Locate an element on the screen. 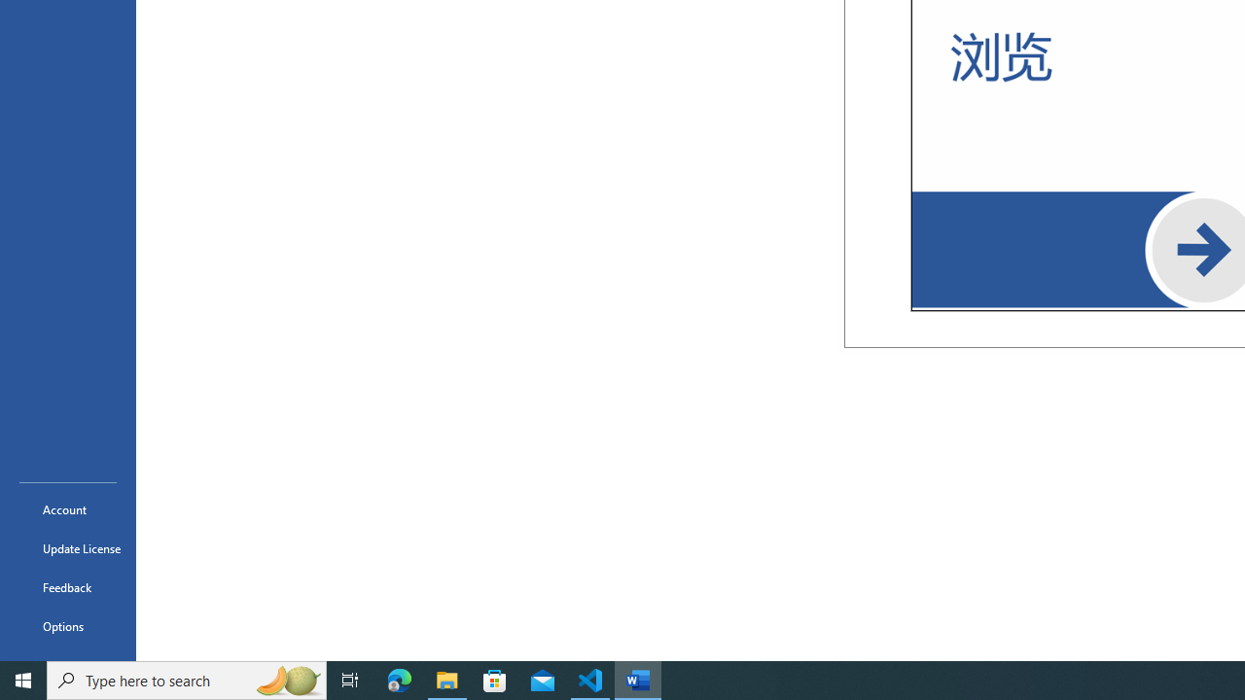 Image resolution: width=1245 pixels, height=700 pixels. 'Options' is located at coordinates (67, 626).